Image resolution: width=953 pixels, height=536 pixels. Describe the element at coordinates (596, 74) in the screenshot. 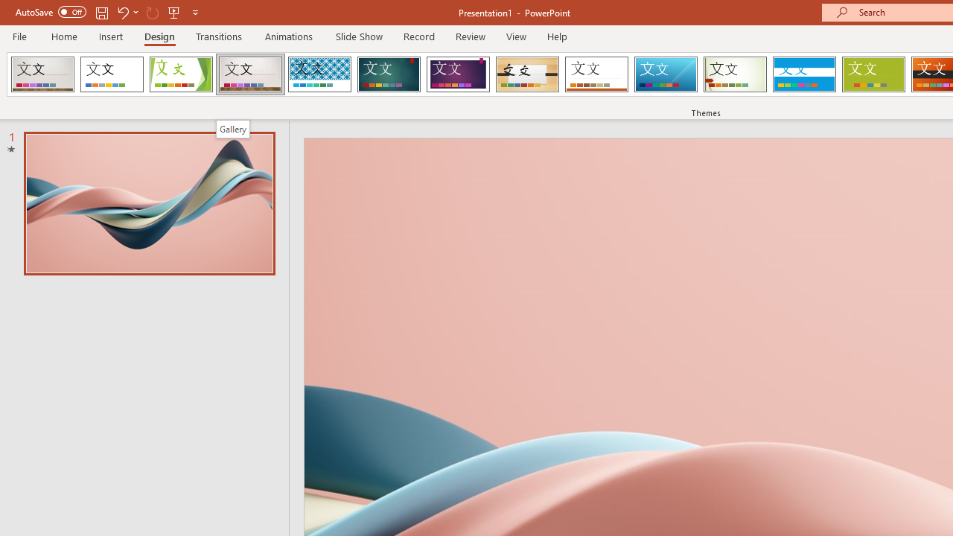

I see `'Retrospect'` at that location.